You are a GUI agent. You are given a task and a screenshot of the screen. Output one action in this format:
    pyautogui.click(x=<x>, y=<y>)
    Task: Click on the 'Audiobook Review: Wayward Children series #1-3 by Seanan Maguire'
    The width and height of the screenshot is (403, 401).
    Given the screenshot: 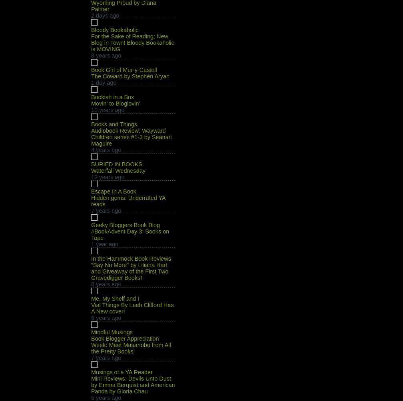 What is the action you would take?
    pyautogui.click(x=131, y=137)
    